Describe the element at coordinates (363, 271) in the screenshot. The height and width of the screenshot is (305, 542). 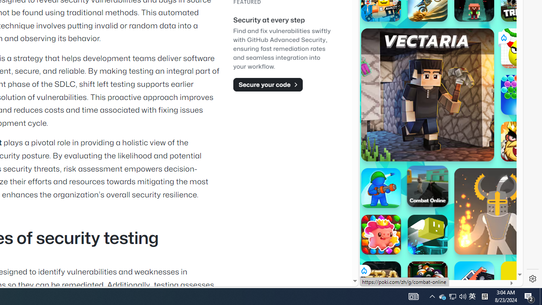
I see `'Class: rCs5cyEiqiTpYvt_VBCR'` at that location.